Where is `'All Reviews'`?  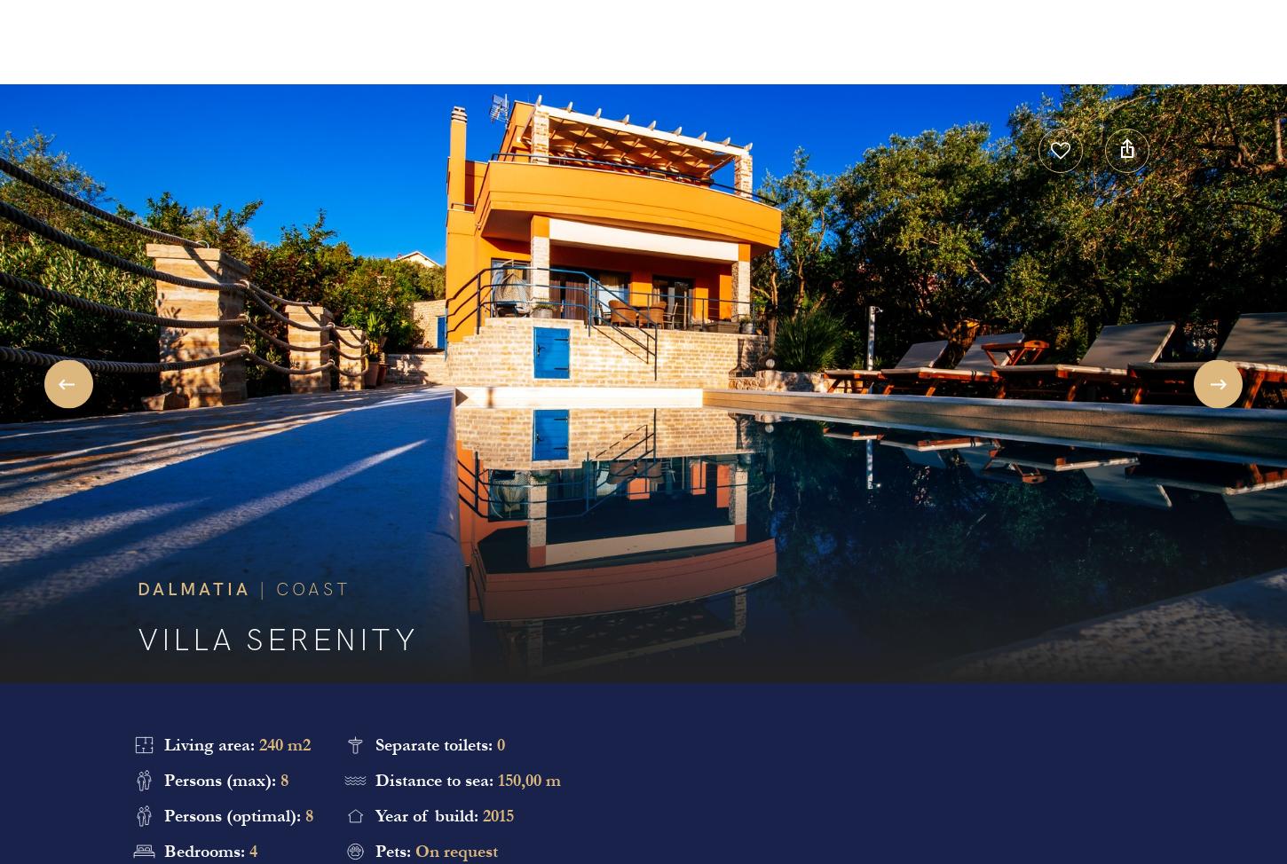
'All Reviews' is located at coordinates (742, 822).